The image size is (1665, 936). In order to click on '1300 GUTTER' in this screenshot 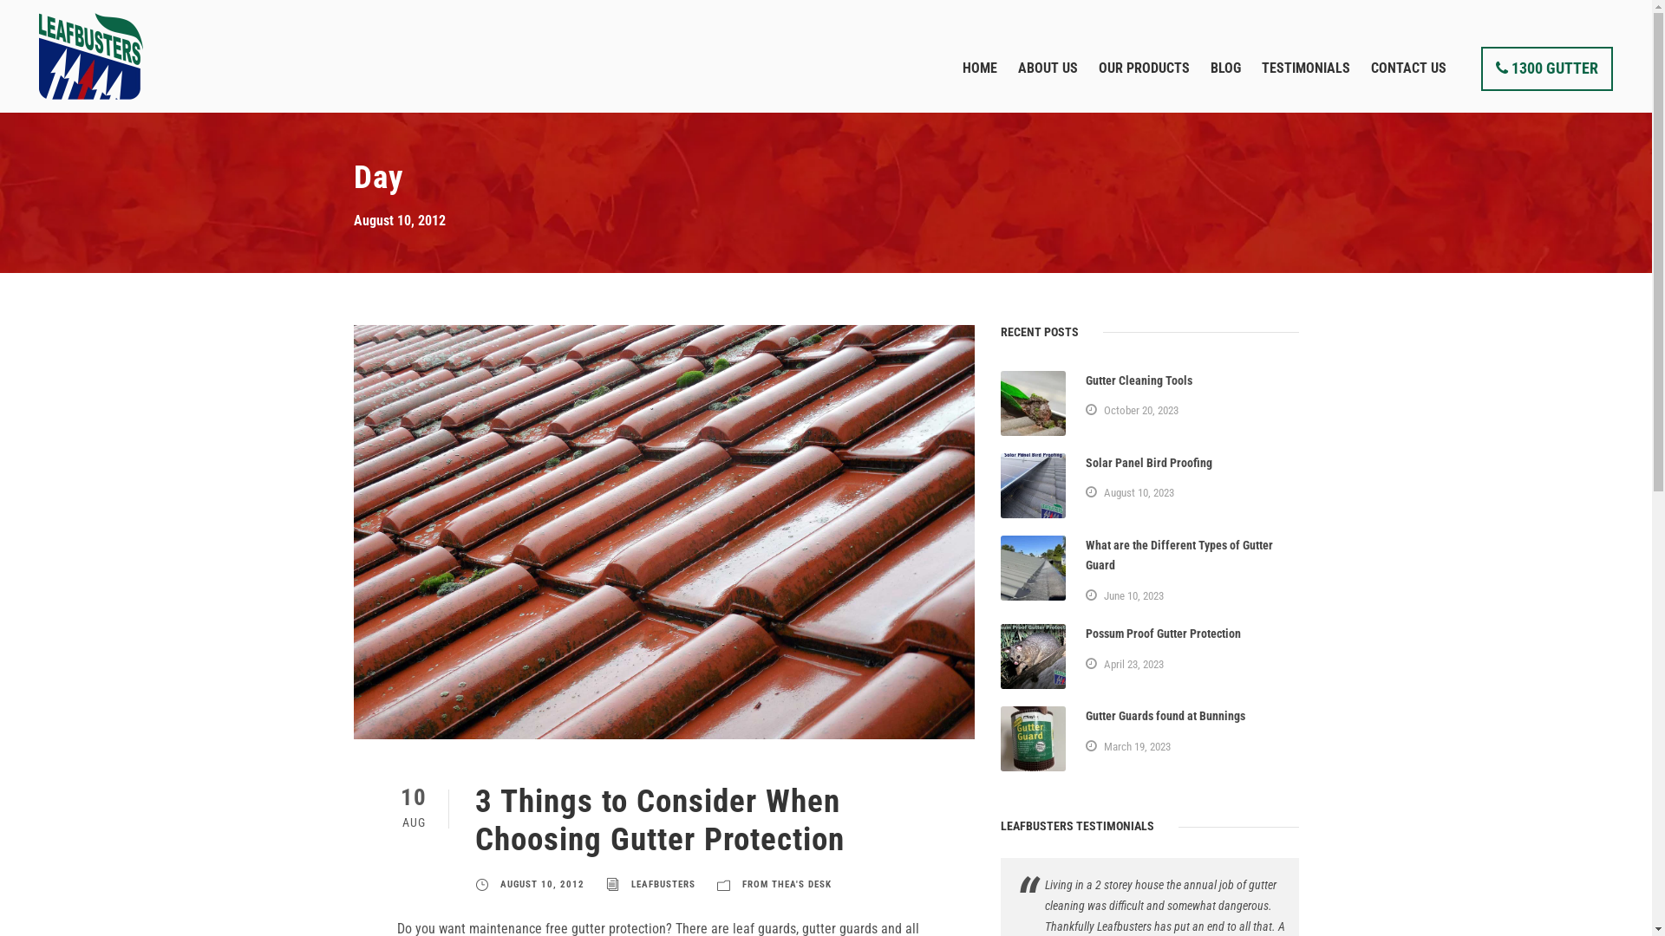, I will do `click(1480, 68)`.